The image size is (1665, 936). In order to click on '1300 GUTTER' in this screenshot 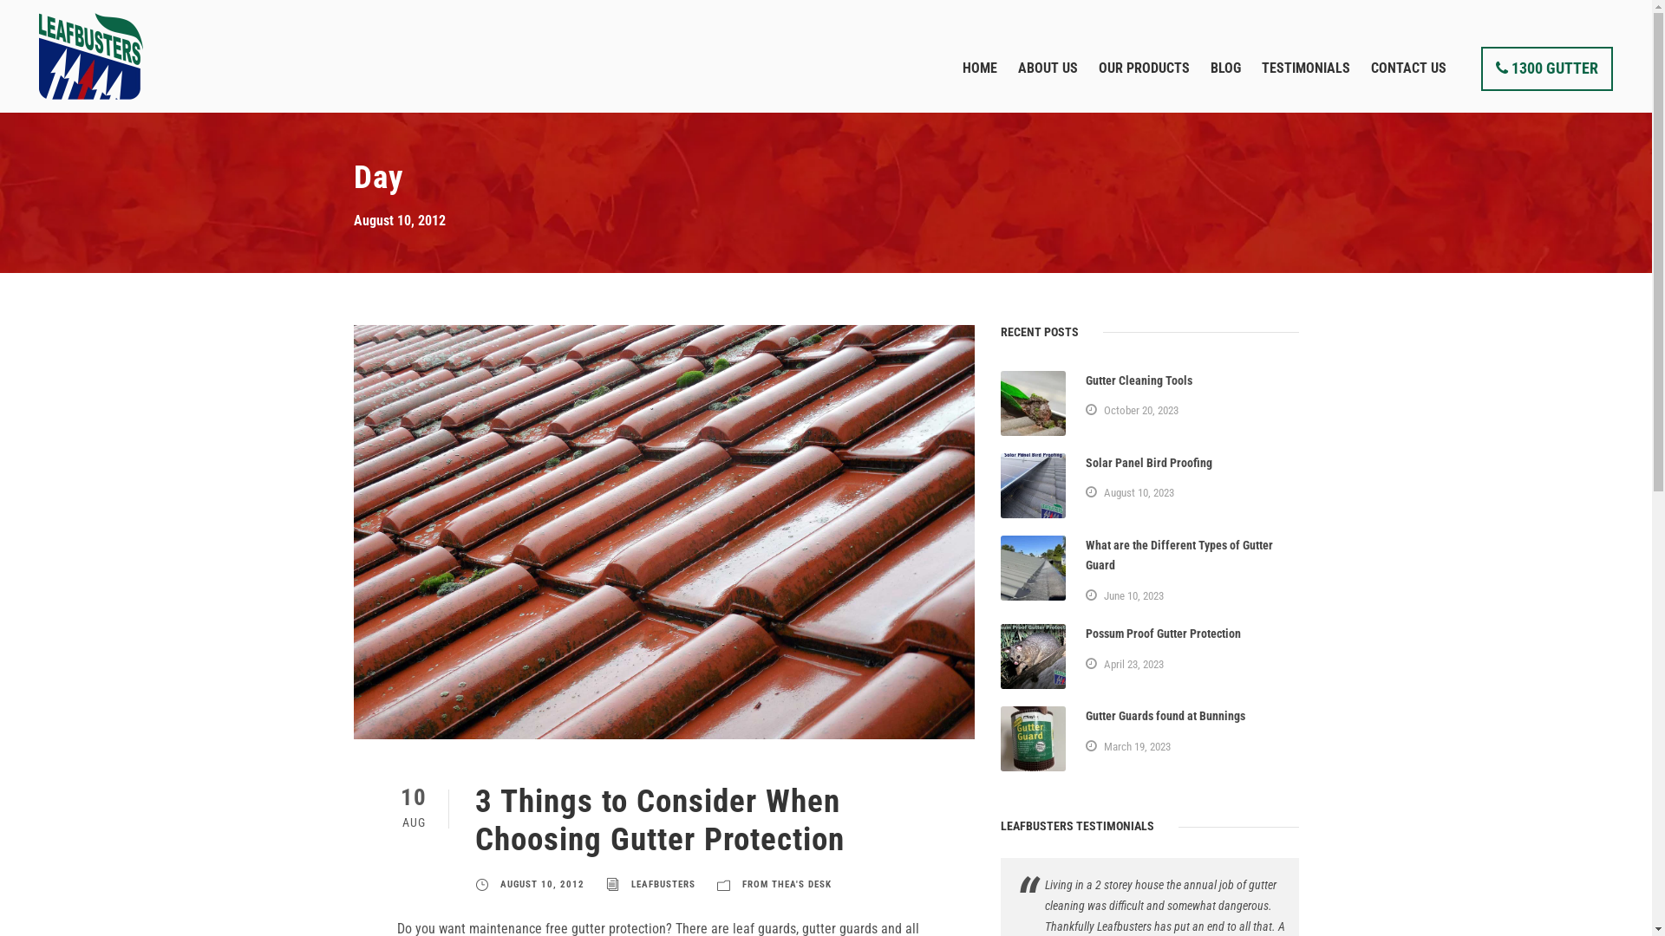, I will do `click(1480, 68)`.